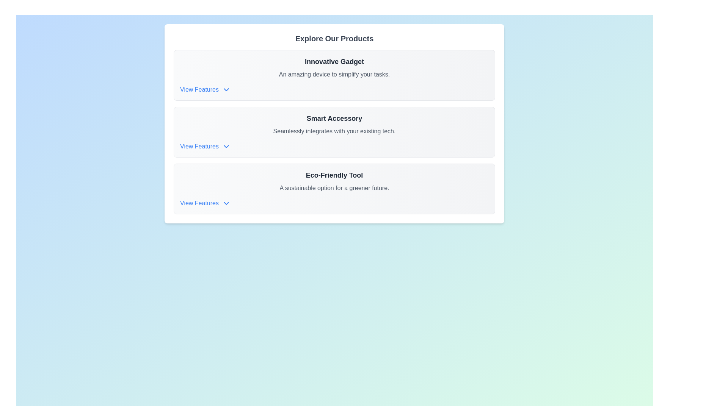 The width and height of the screenshot is (728, 409). Describe the element at coordinates (226, 203) in the screenshot. I see `the third chevron down icon next to the 'View Features' text` at that location.